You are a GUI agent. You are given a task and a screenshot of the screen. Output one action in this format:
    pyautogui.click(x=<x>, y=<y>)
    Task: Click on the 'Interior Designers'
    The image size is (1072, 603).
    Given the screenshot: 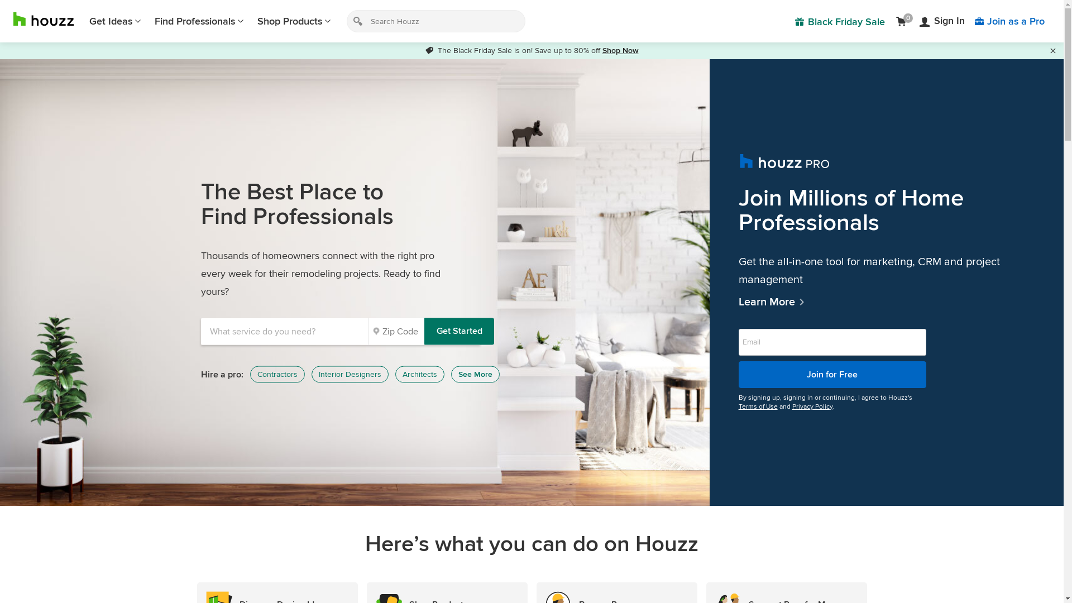 What is the action you would take?
    pyautogui.click(x=350, y=375)
    